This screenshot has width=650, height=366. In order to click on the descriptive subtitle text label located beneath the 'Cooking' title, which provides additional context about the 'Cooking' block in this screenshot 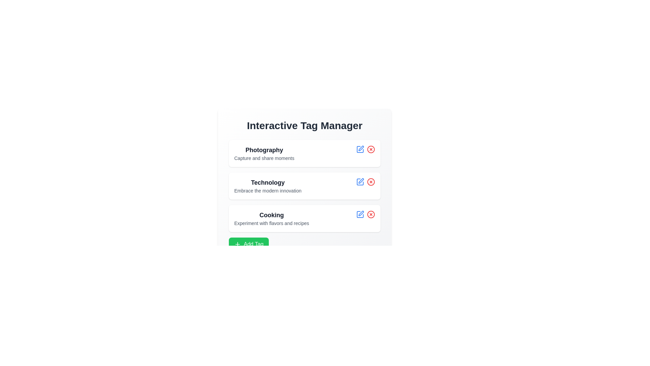, I will do `click(272, 223)`.